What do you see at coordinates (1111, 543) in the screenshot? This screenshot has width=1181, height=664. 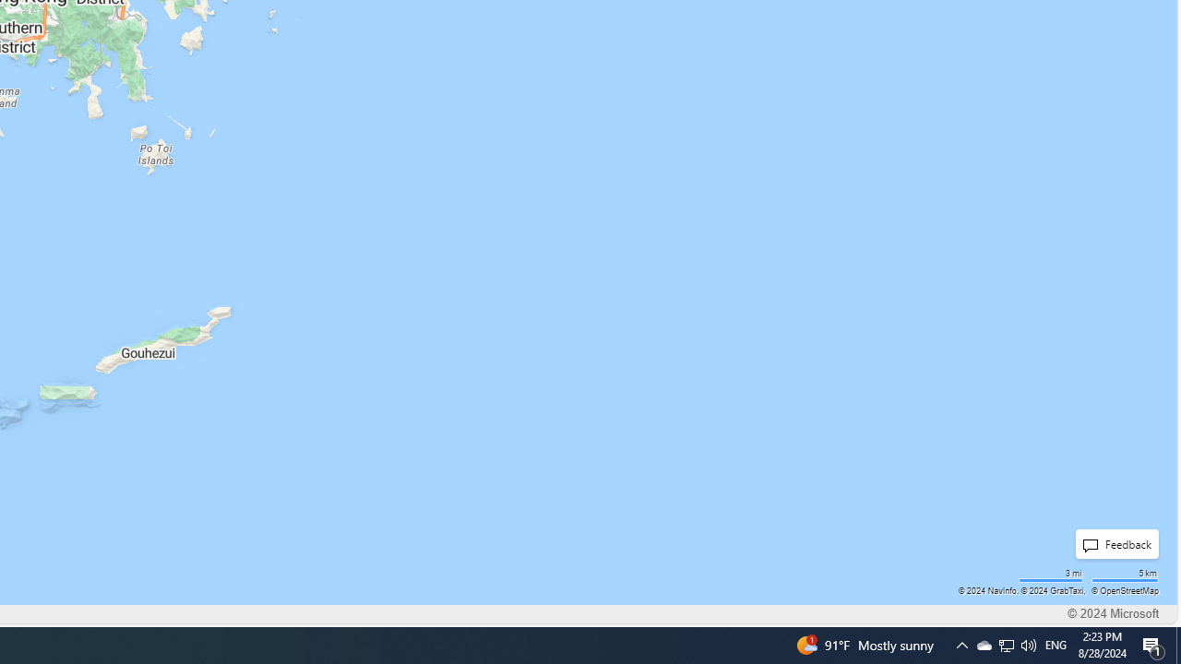 I see `'Feedback'` at bounding box center [1111, 543].